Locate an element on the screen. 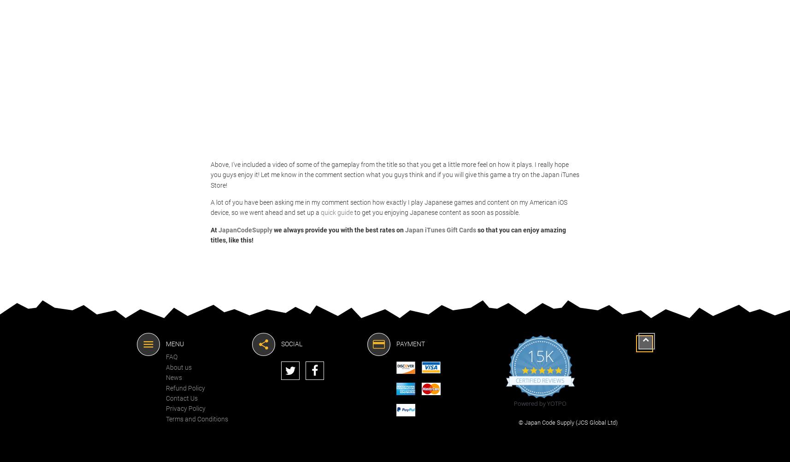 The image size is (790, 462). 'PAYMENT' is located at coordinates (410, 343).